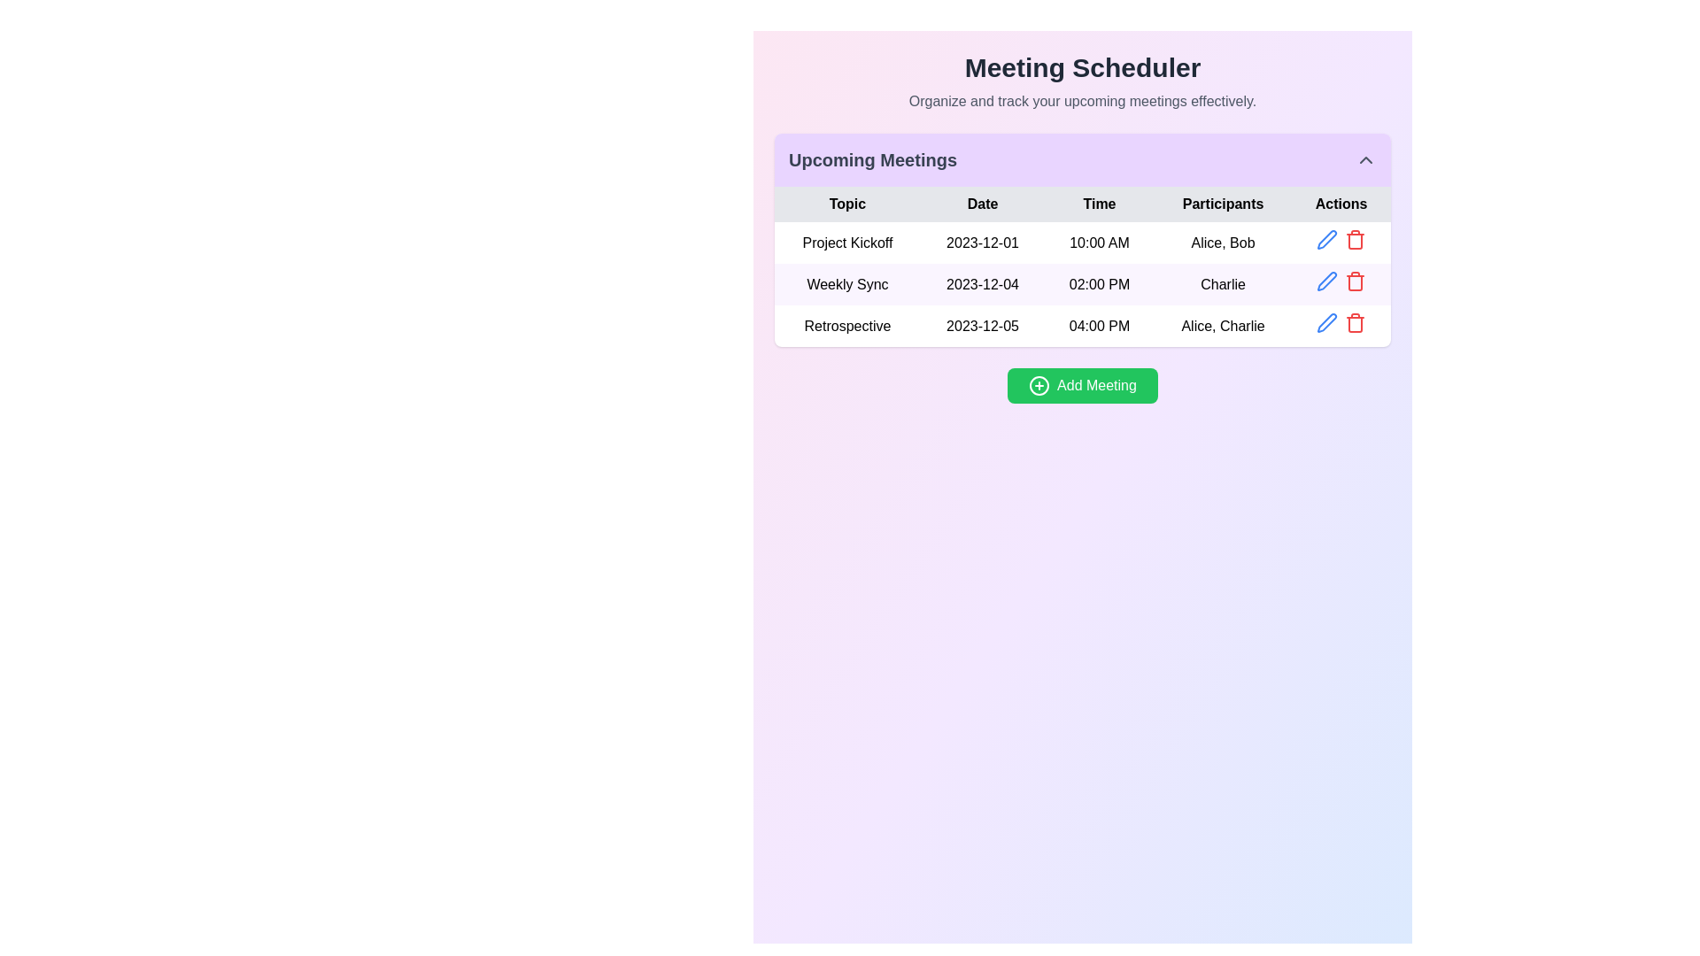 This screenshot has width=1700, height=956. I want to click on title 'Upcoming Meetings' from the static text block located in the purple header bar at the top of the section, aligned to the left side, so click(872, 160).